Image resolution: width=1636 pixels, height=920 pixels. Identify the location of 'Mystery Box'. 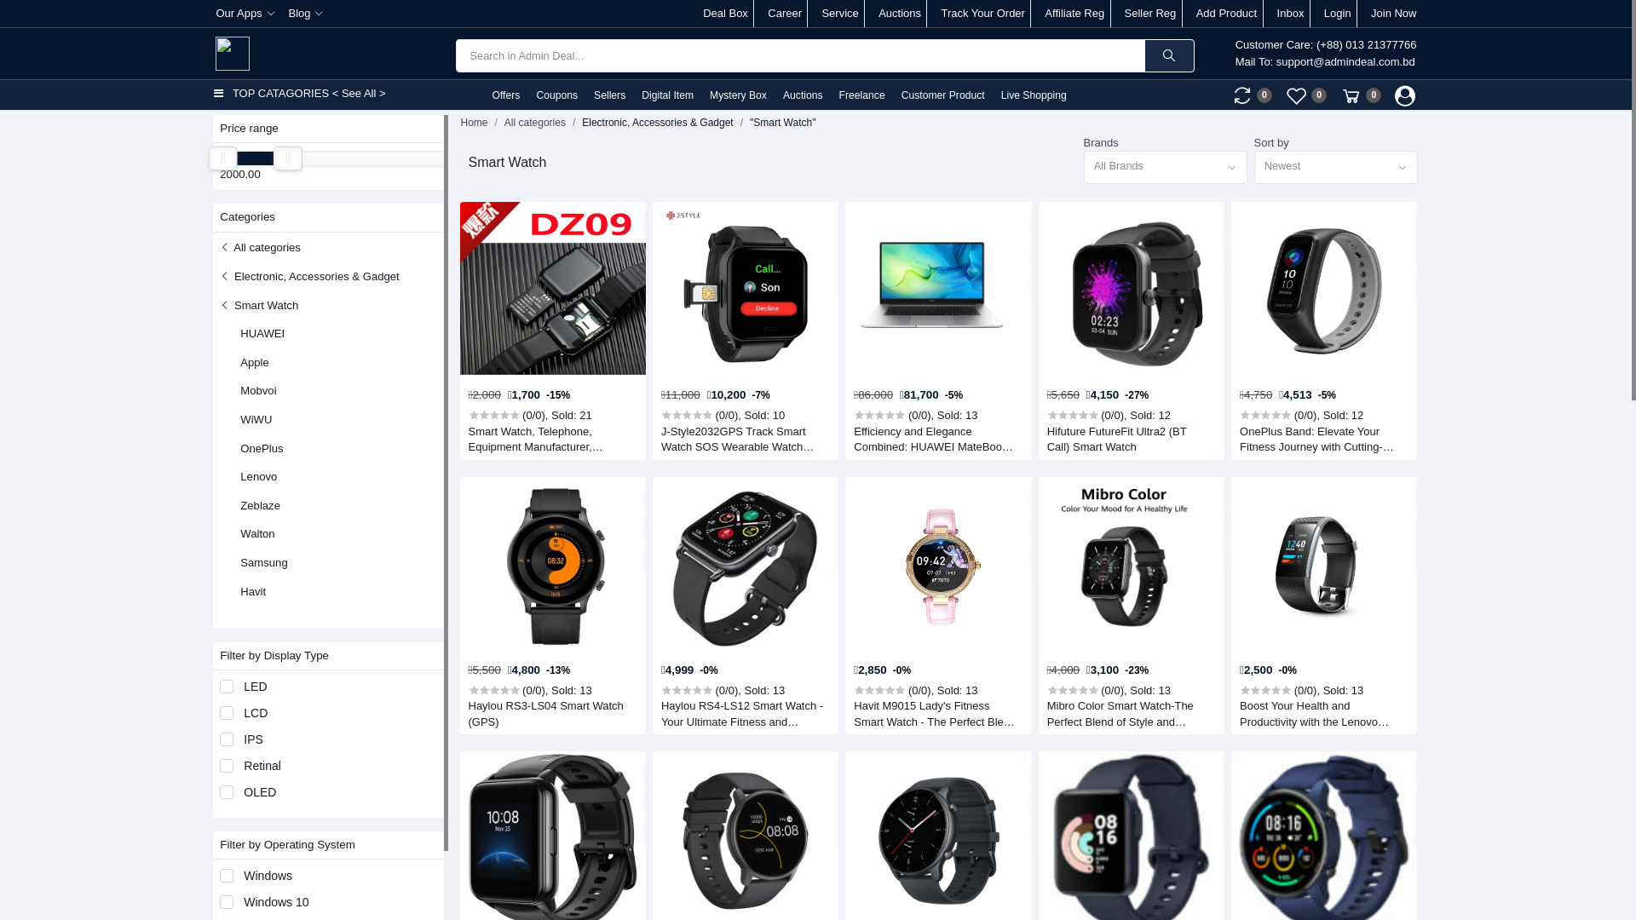
(737, 95).